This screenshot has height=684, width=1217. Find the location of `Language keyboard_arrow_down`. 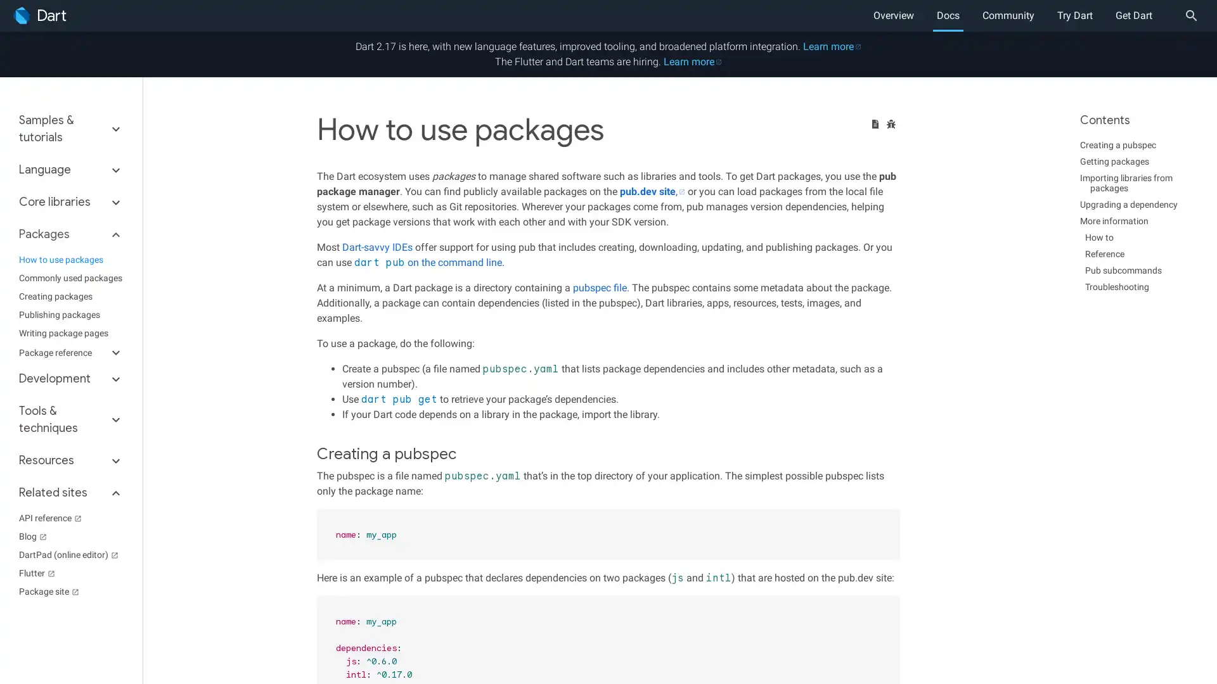

Language keyboard_arrow_down is located at coordinates (70, 169).